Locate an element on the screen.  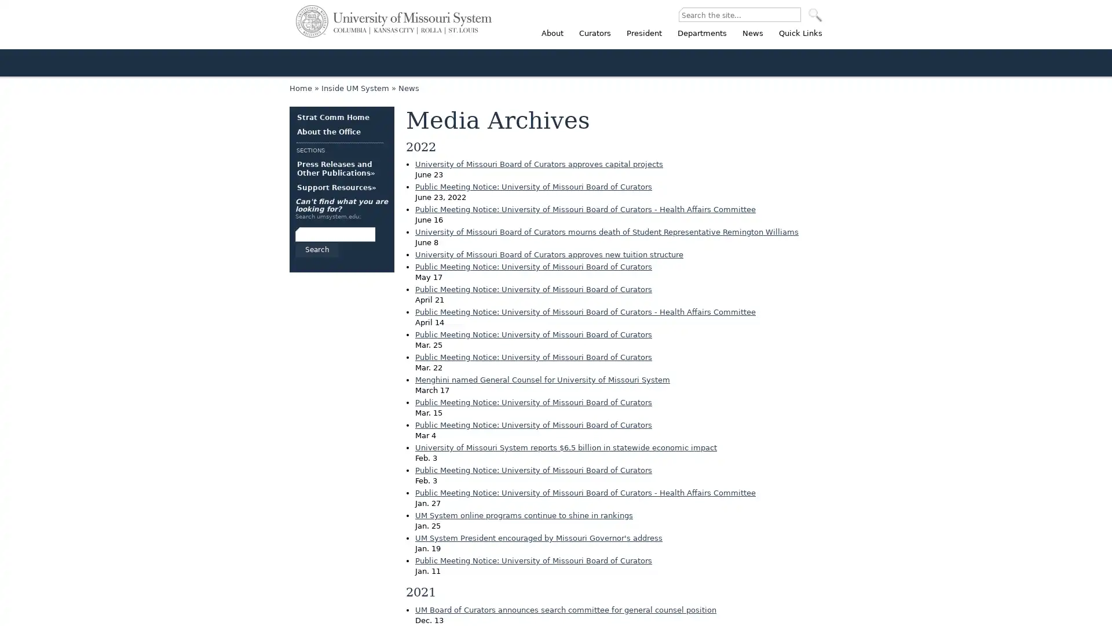
SEARCH is located at coordinates (814, 15).